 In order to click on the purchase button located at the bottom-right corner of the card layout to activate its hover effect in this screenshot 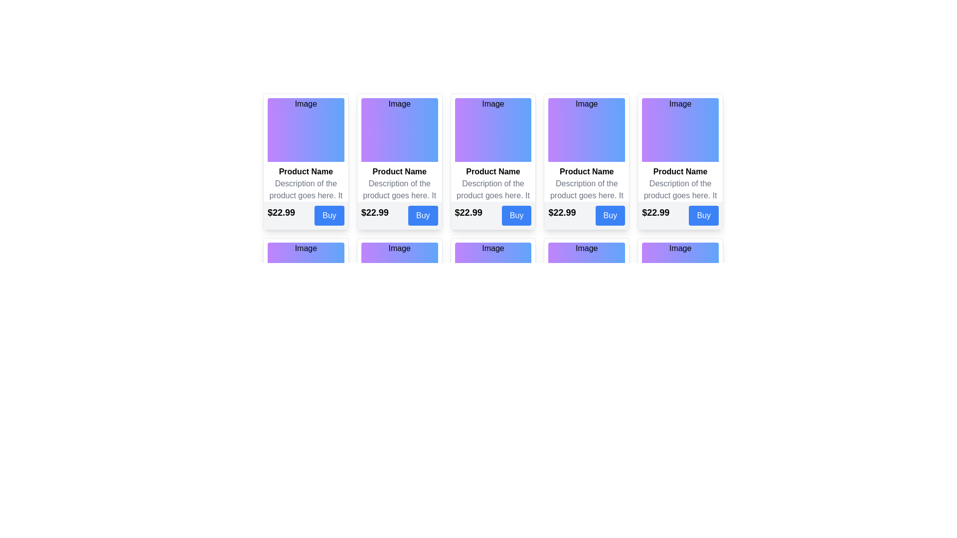, I will do `click(423, 215)`.